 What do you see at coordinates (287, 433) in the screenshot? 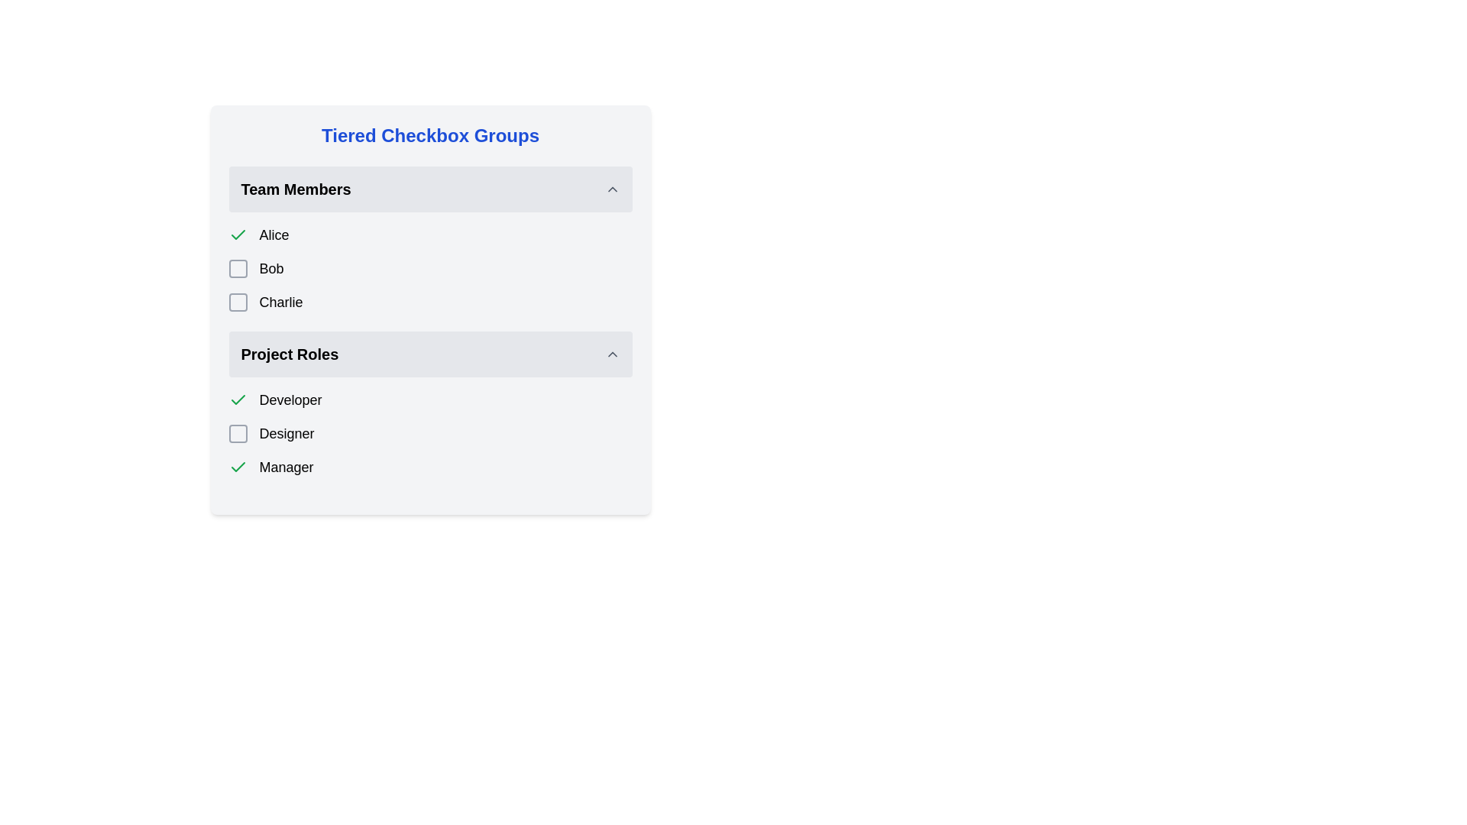
I see `the label indicating the 'Designer' role in the 'Project Roles' section, which is positioned next to the corresponding checkbox` at bounding box center [287, 433].